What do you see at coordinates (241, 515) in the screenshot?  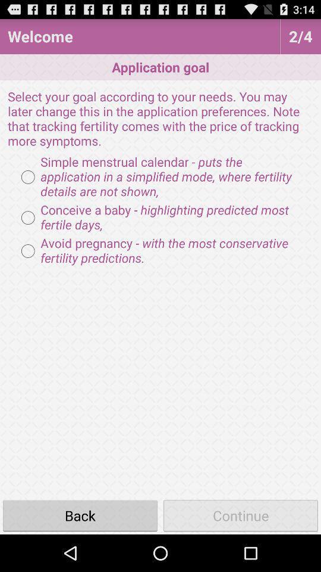 I see `continue item` at bounding box center [241, 515].